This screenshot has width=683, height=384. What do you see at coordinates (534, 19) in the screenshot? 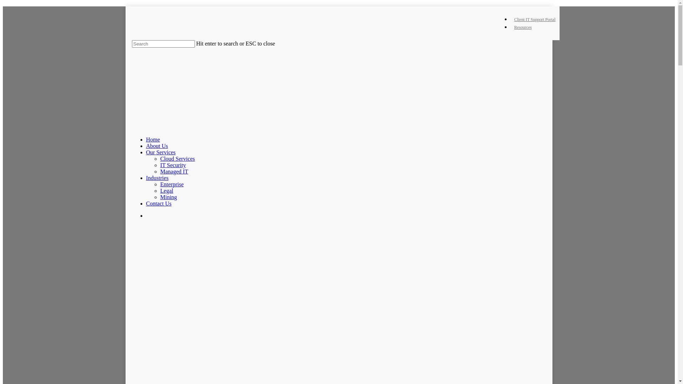
I see `'Client IT Support Portal'` at bounding box center [534, 19].